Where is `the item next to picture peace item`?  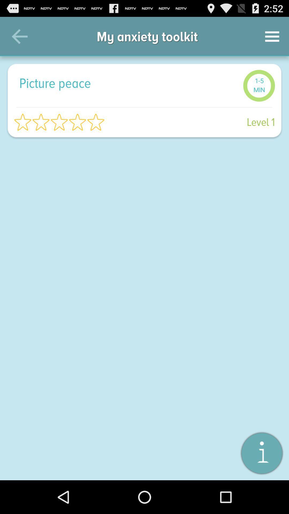 the item next to picture peace item is located at coordinates (259, 86).